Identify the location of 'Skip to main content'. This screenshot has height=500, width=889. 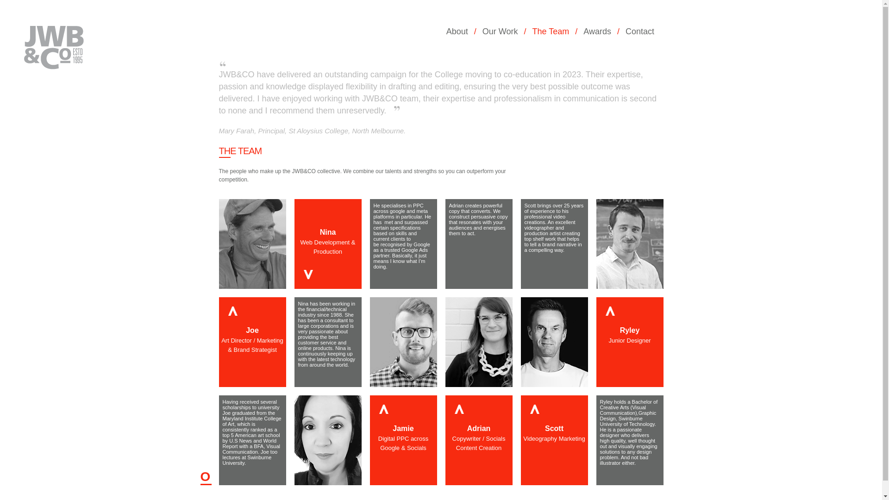
(27, 0).